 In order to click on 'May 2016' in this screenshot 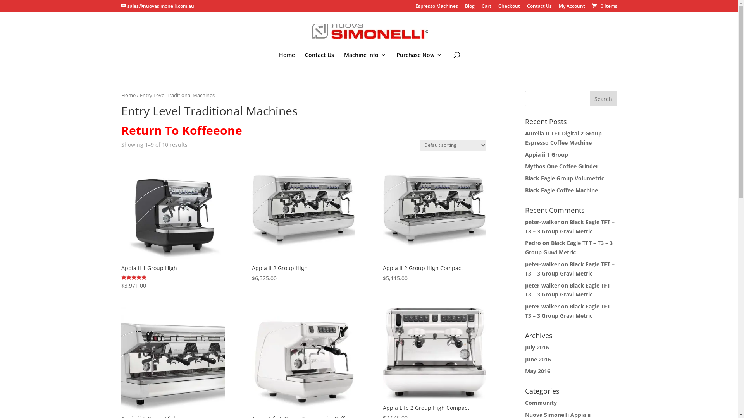, I will do `click(525, 370)`.